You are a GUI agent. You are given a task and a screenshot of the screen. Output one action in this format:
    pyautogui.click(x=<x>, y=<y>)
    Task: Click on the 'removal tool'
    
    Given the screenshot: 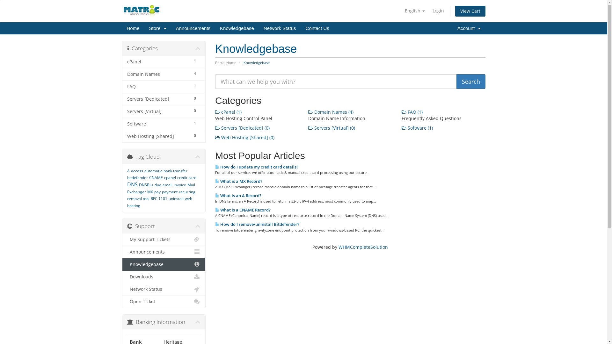 What is the action you would take?
    pyautogui.click(x=127, y=198)
    